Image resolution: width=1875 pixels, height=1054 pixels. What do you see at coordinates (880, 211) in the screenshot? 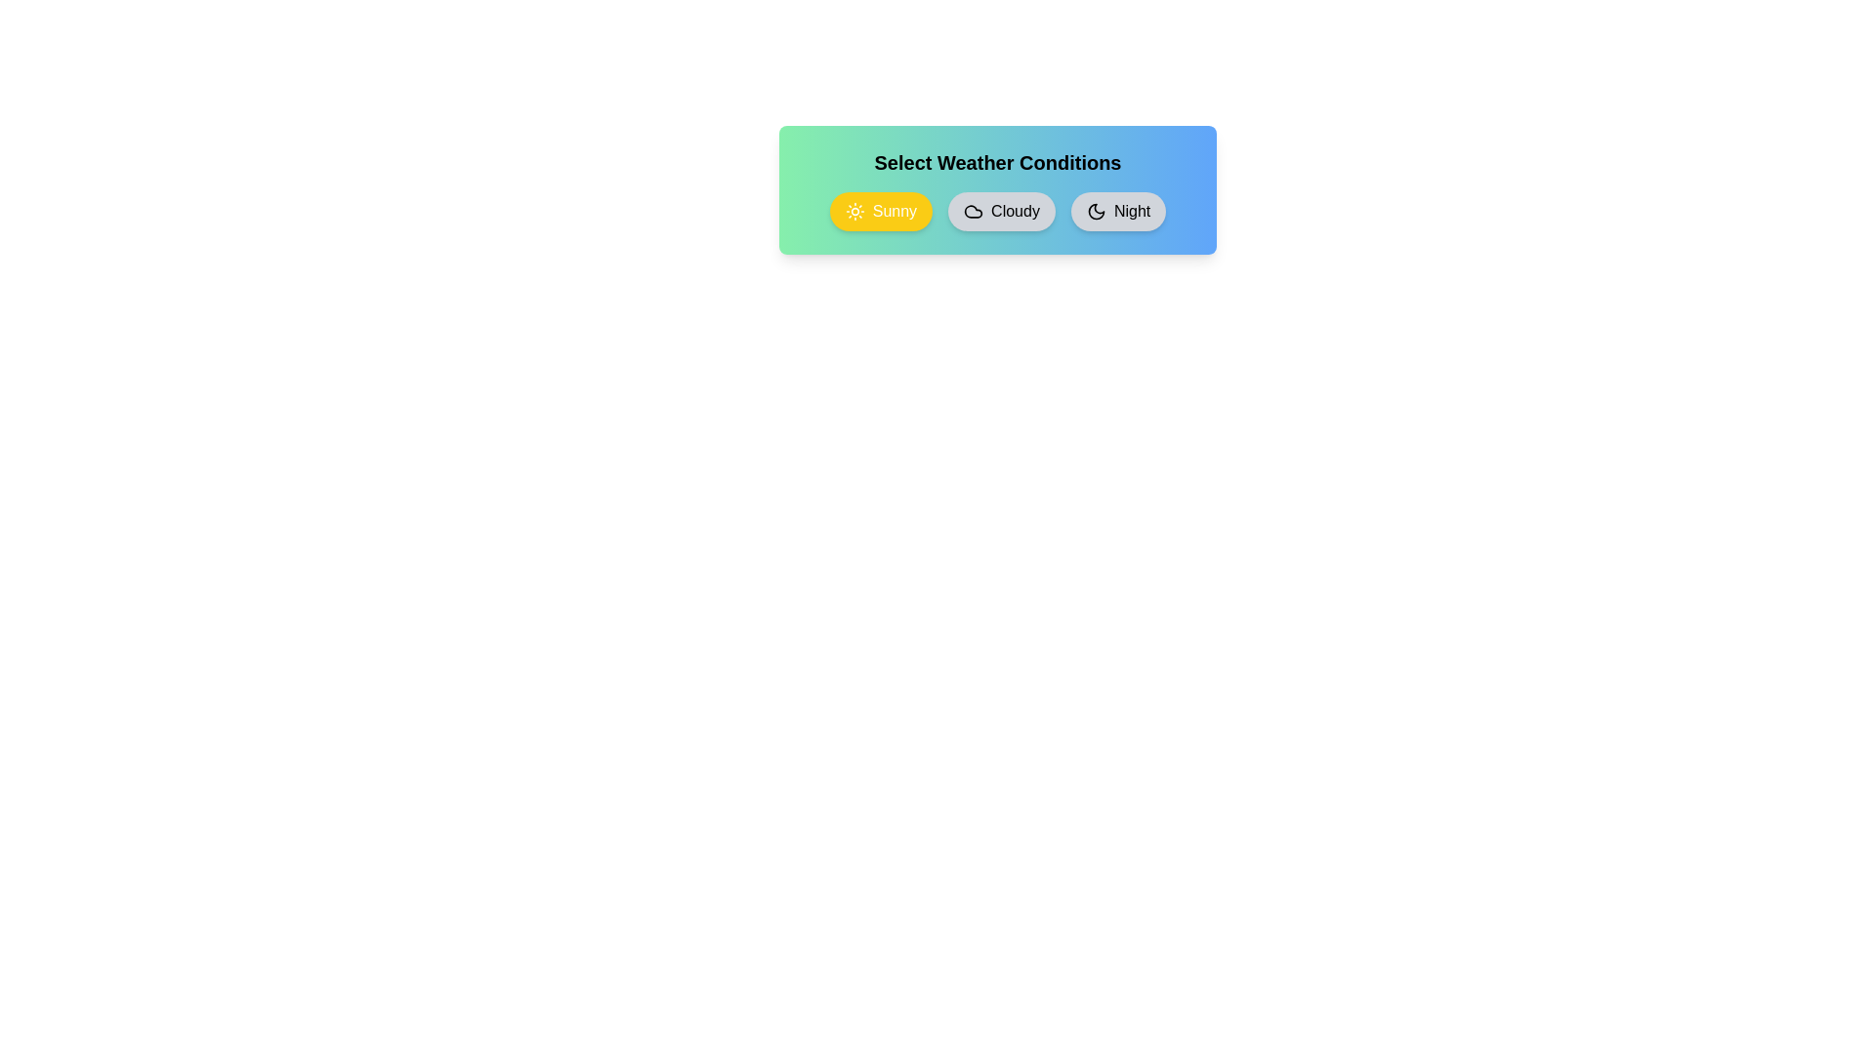
I see `the weather condition Sunny by clicking on its chip` at bounding box center [880, 211].